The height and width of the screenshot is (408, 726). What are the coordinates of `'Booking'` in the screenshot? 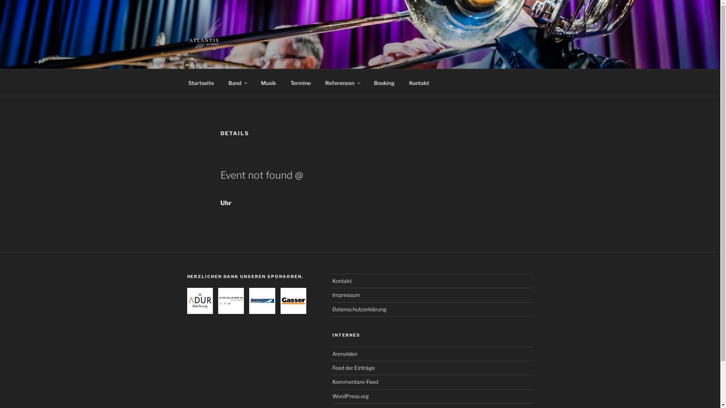 It's located at (385, 82).